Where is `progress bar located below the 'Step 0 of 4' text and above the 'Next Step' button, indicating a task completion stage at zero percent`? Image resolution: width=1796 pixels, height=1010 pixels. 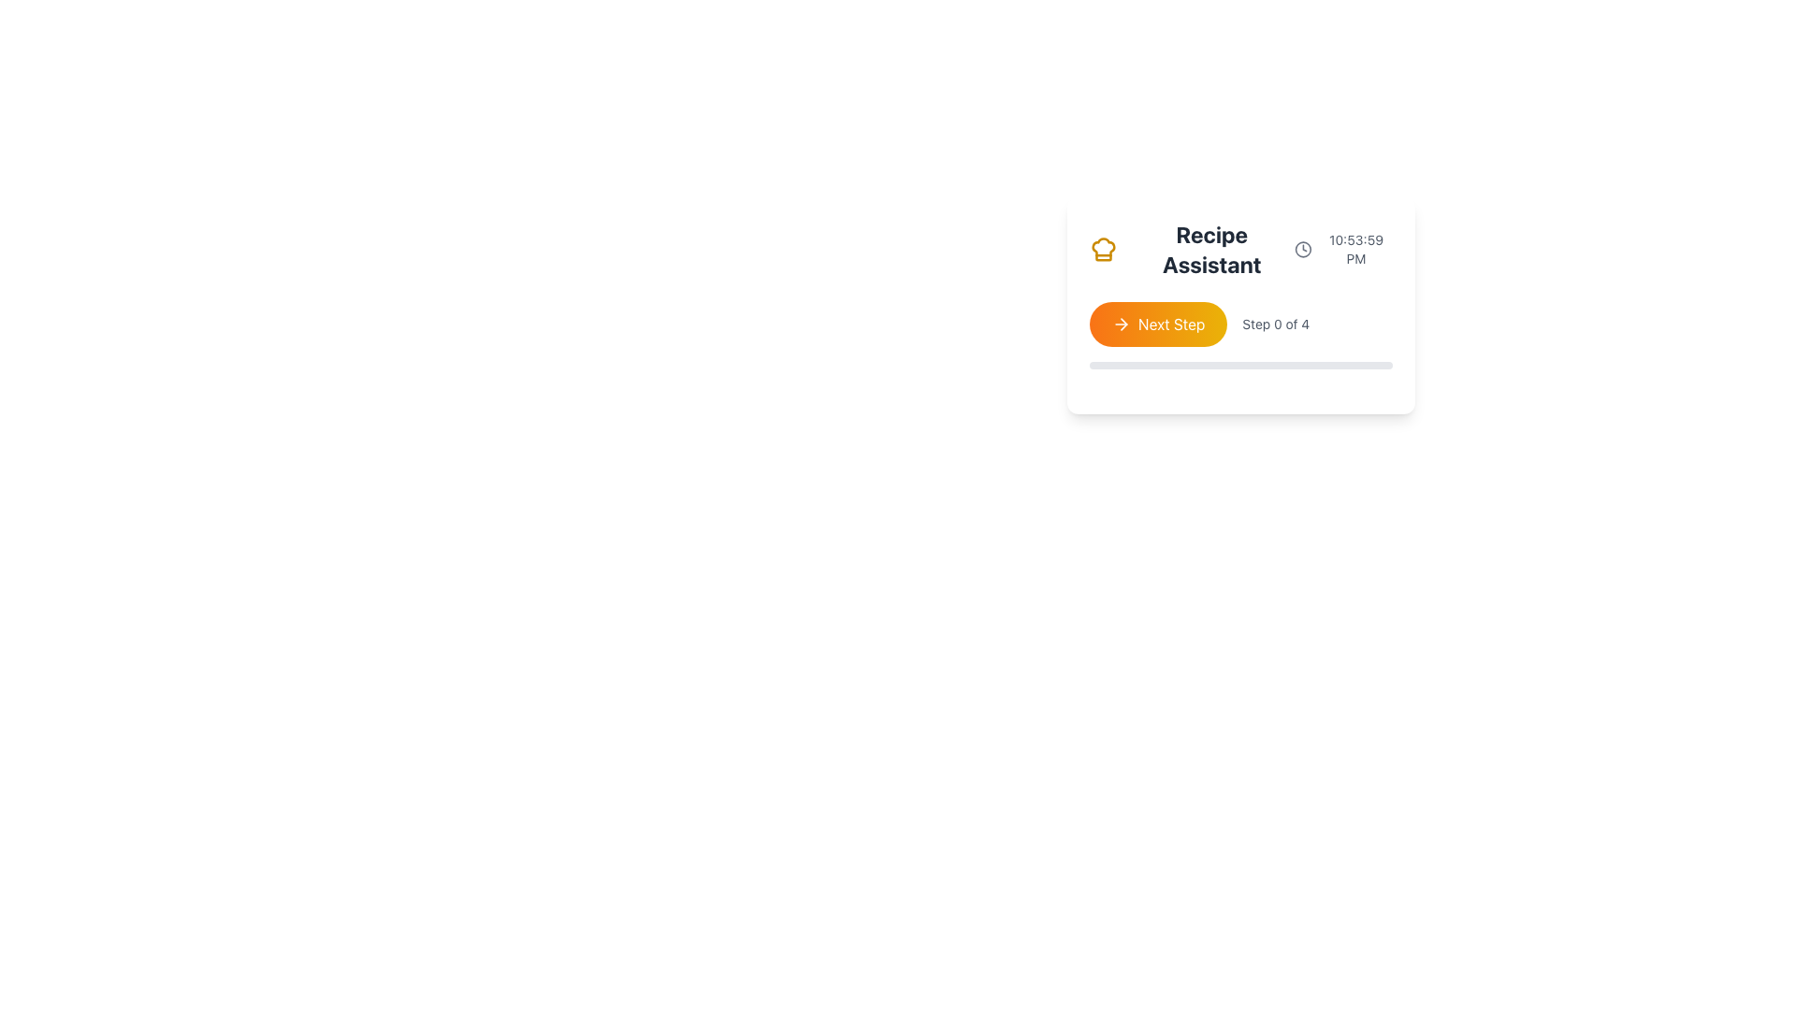
progress bar located below the 'Step 0 of 4' text and above the 'Next Step' button, indicating a task completion stage at zero percent is located at coordinates (1240, 365).